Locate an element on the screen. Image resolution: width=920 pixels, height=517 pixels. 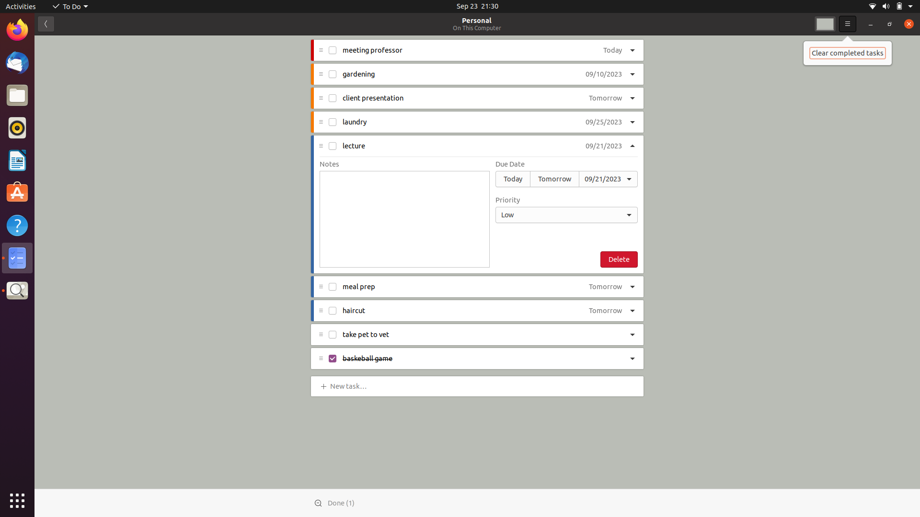
Mark "laundry" task as completed is located at coordinates (333, 121).